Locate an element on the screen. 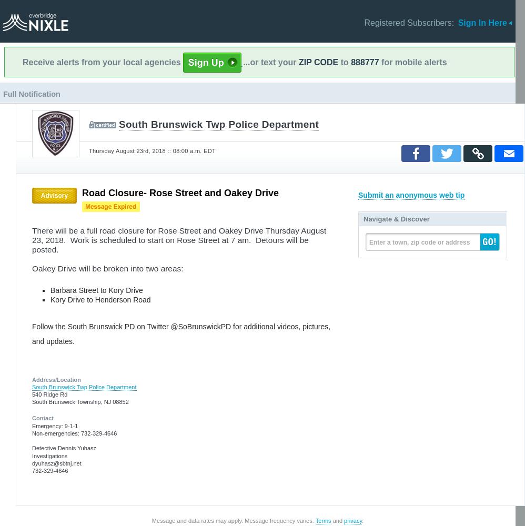 The height and width of the screenshot is (526, 525). '...or text your' is located at coordinates (270, 61).